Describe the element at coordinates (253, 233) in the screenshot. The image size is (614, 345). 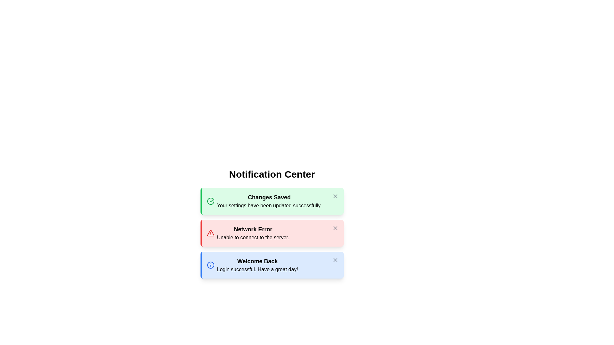
I see `the network error message displayed in the second notification card within the Notification Center` at that location.